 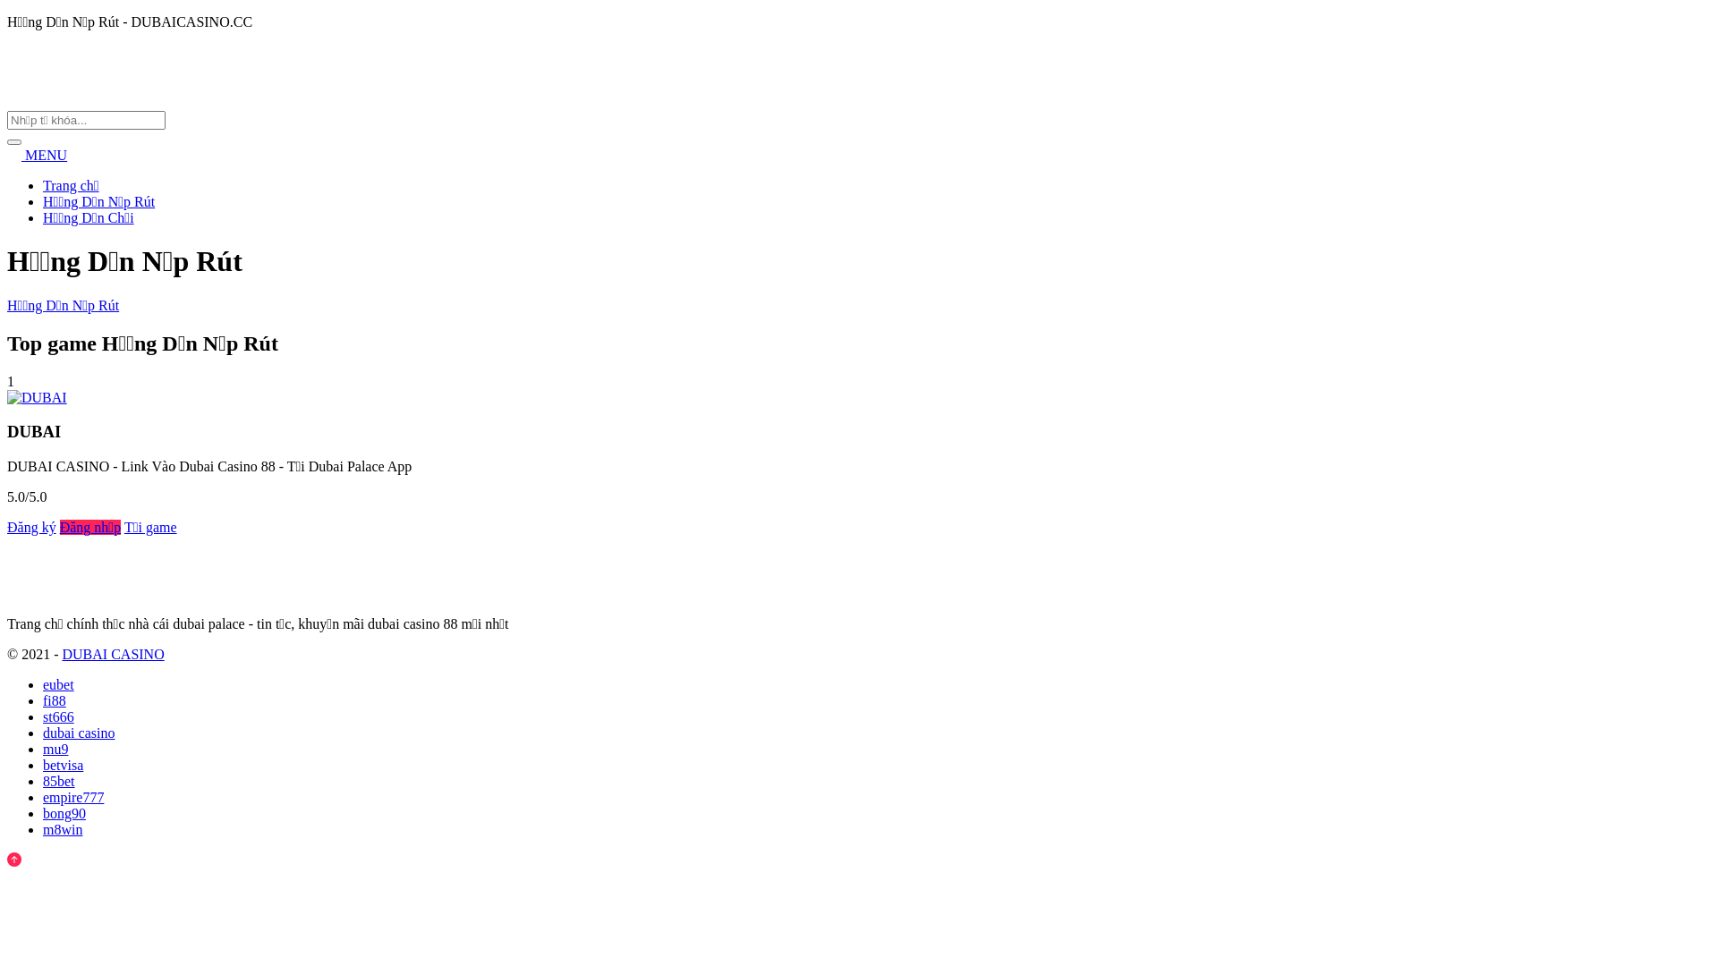 What do you see at coordinates (7, 396) in the screenshot?
I see `'DUBAI'` at bounding box center [7, 396].